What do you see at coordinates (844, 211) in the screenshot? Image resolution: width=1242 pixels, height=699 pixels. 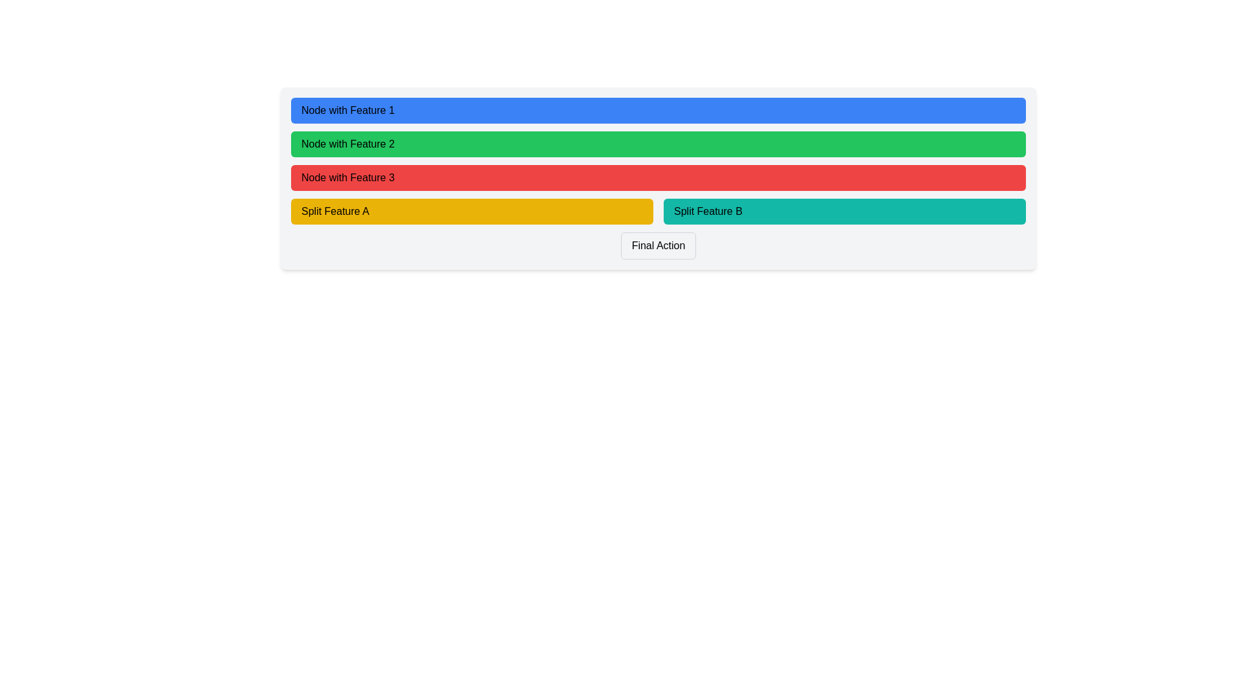 I see `the button labeled 'Split Feature B'` at bounding box center [844, 211].